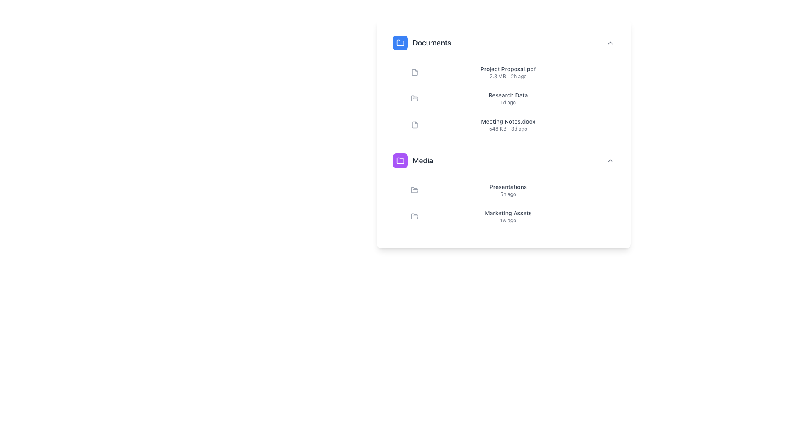 This screenshot has height=442, width=786. Describe the element at coordinates (508, 220) in the screenshot. I see `the static text label indicating the relative time since the last modification or creation of the 'Marketing Assets' folder, located below the 'Marketing Assets' text in the 'Media' section` at that location.